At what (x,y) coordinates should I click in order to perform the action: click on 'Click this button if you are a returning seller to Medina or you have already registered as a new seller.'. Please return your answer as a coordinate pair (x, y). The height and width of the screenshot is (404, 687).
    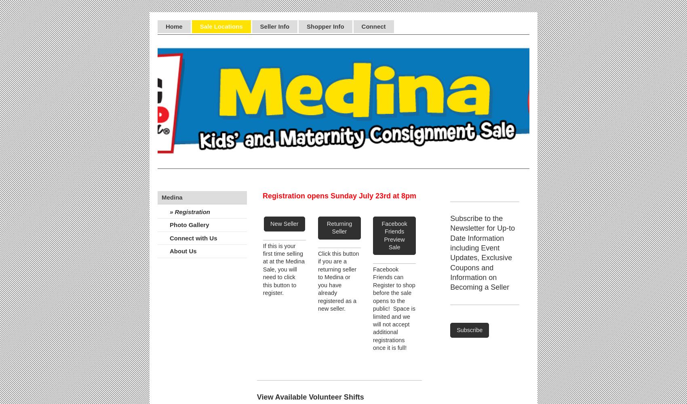
    Looking at the image, I should click on (338, 281).